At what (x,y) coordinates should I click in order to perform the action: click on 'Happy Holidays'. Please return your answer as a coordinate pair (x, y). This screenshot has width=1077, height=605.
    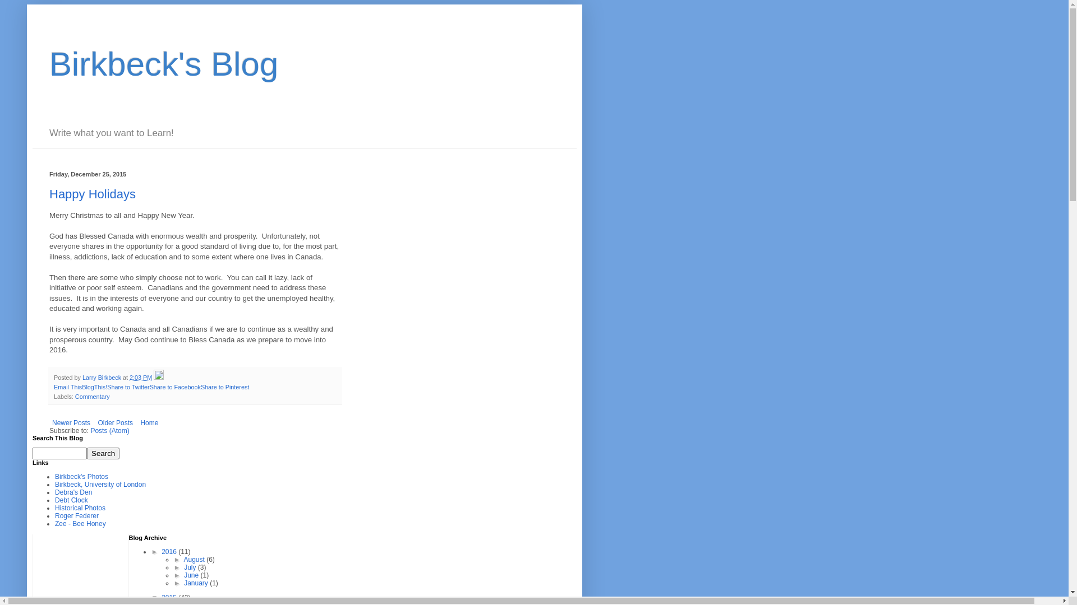
    Looking at the image, I should click on (92, 193).